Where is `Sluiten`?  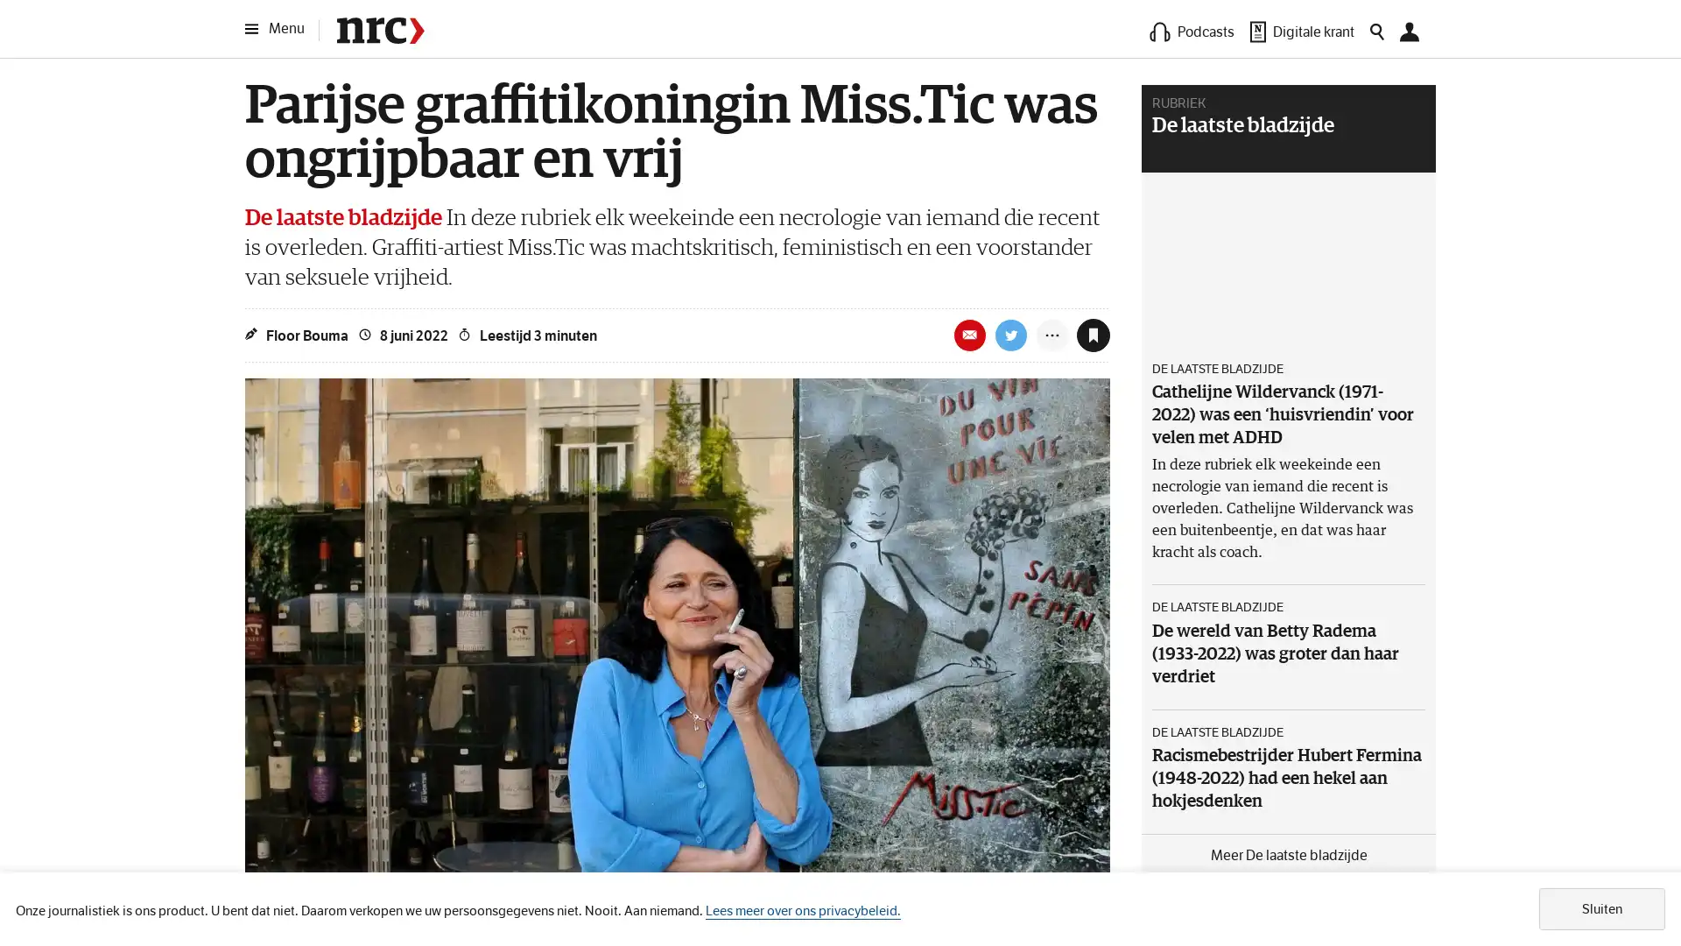
Sluiten is located at coordinates (1601, 907).